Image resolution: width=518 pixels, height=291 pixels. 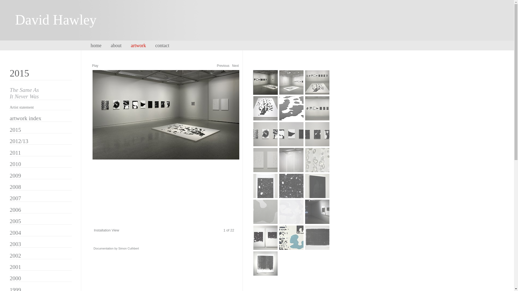 I want to click on '09 (2)', so click(x=305, y=134).